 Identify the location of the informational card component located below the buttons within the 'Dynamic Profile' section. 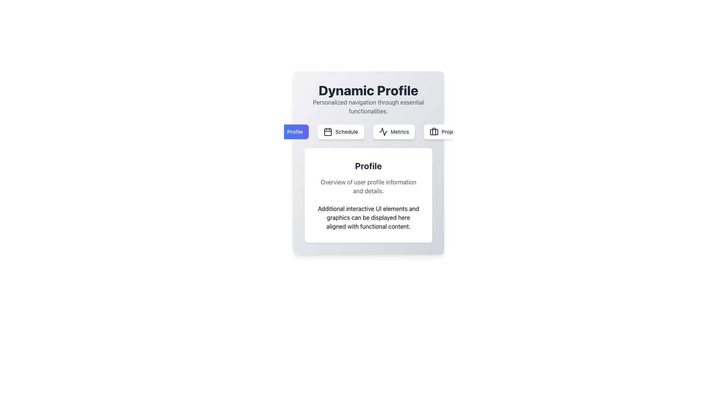
(368, 195).